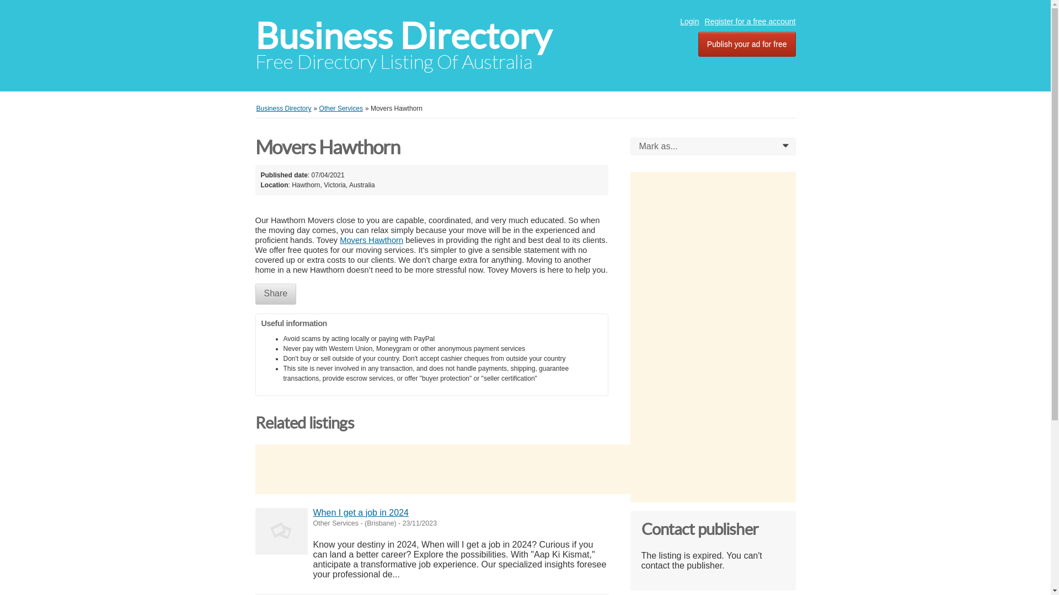 The height and width of the screenshot is (595, 1059). Describe the element at coordinates (361, 512) in the screenshot. I see `'When I get a job in 2024'` at that location.